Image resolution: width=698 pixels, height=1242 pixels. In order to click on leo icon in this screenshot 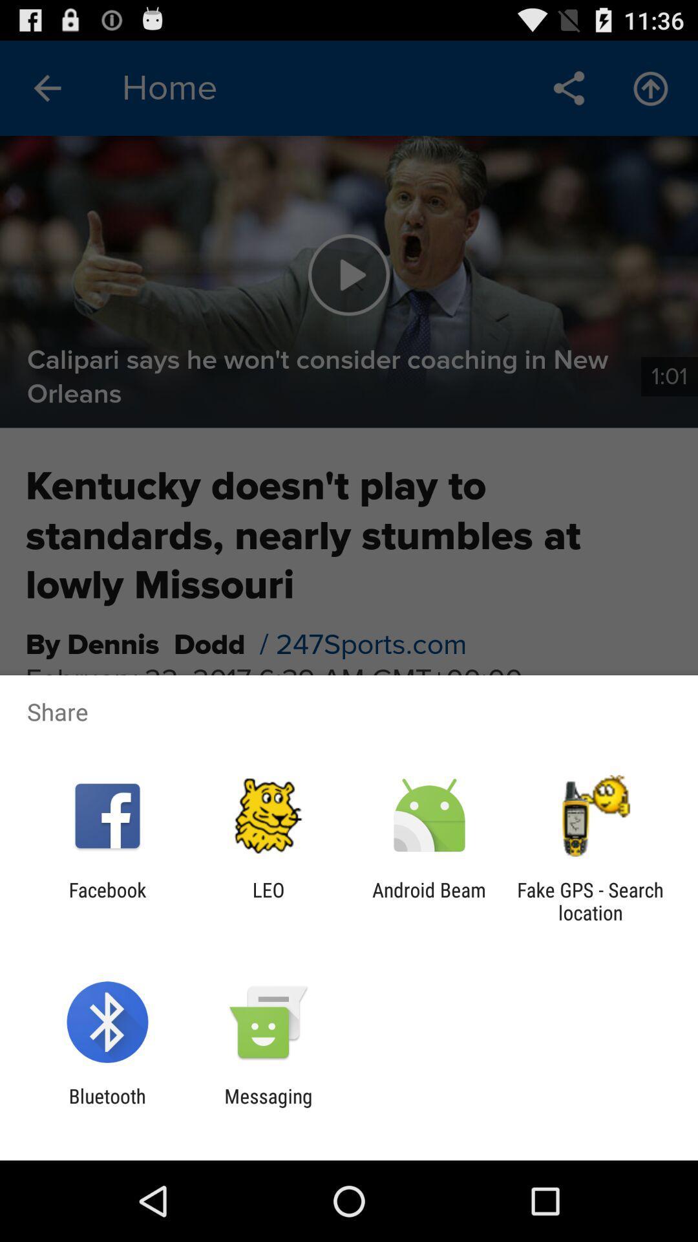, I will do `click(268, 900)`.